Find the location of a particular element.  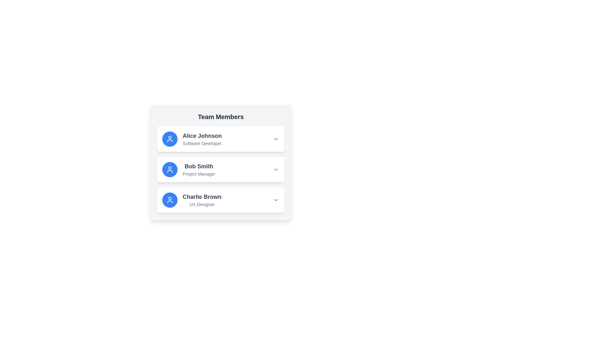

the user icon representing 'Bob Smith' in the team list is located at coordinates (170, 169).